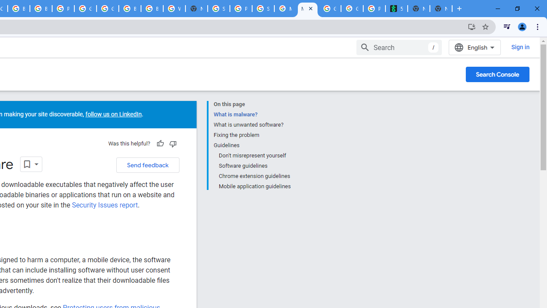  I want to click on 'Fixing the problem', so click(251, 135).